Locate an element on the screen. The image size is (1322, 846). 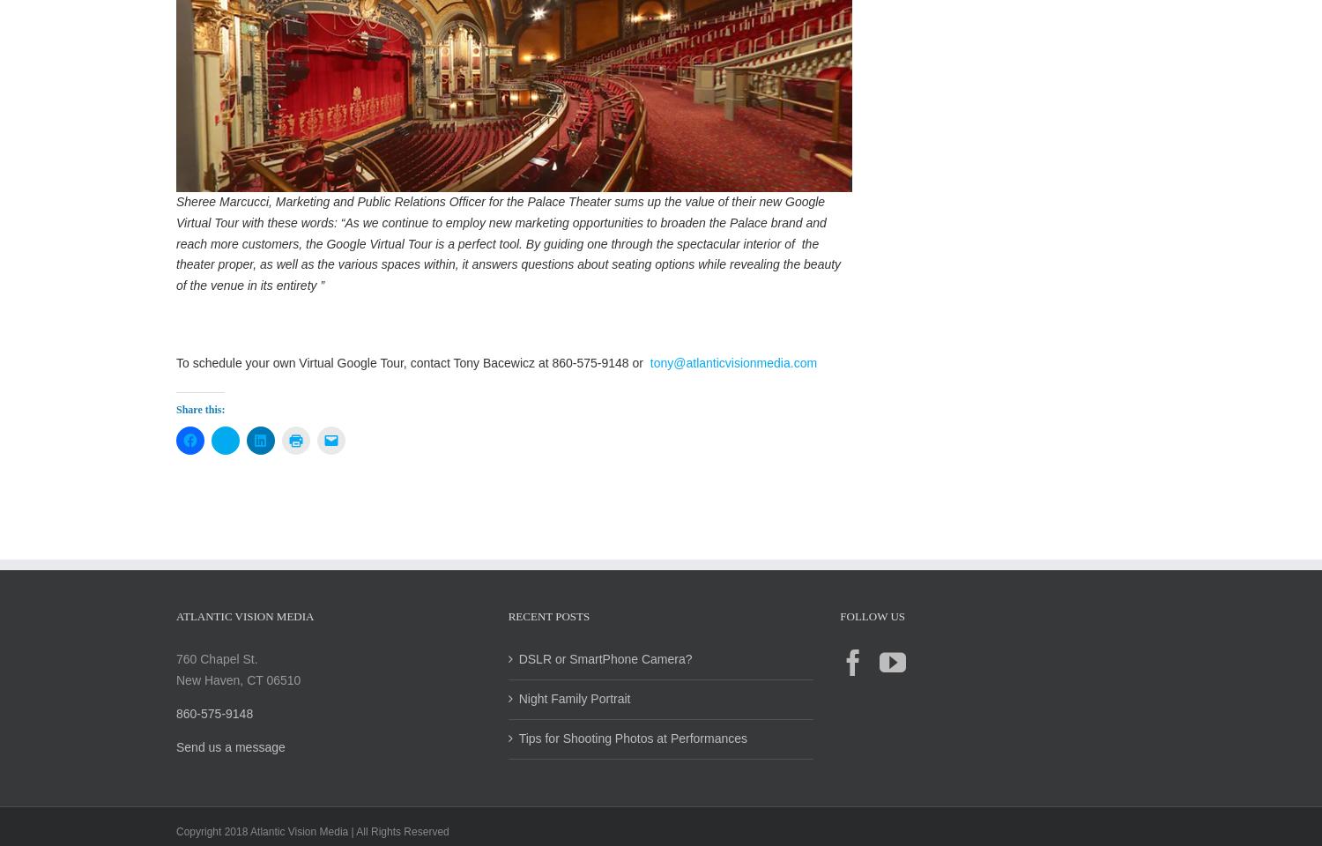
'860-575-9148' is located at coordinates (175, 731).